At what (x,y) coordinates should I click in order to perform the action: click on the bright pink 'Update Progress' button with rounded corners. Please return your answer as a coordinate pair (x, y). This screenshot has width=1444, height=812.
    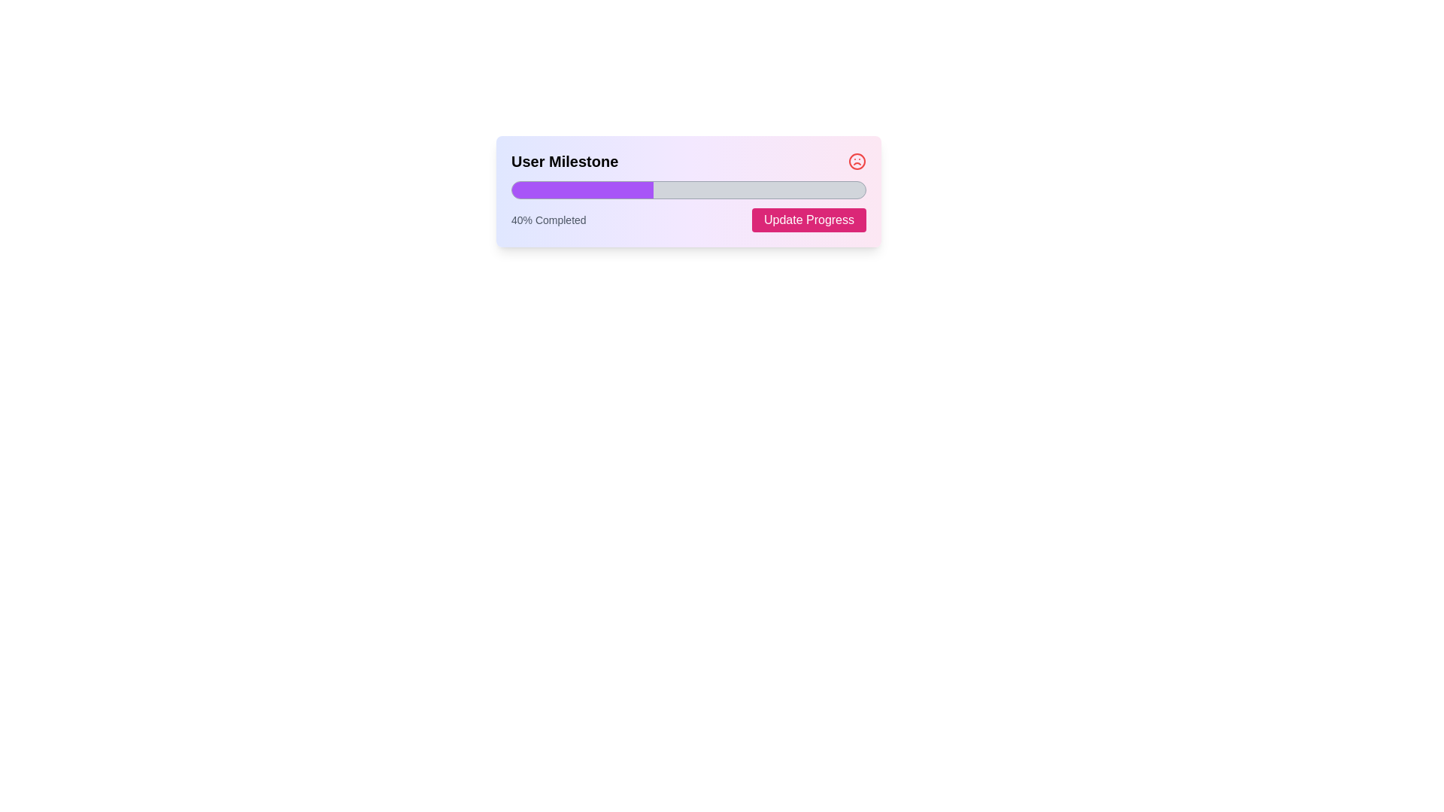
    Looking at the image, I should click on (808, 220).